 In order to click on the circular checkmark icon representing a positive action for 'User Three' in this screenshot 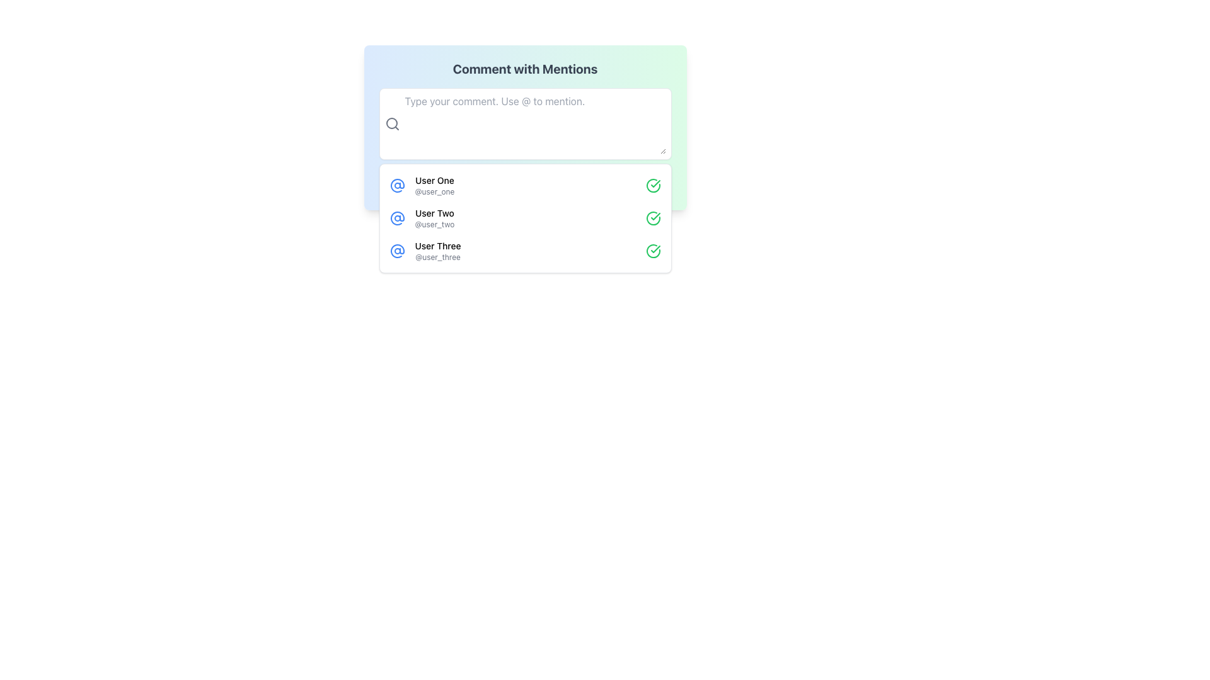, I will do `click(653, 251)`.